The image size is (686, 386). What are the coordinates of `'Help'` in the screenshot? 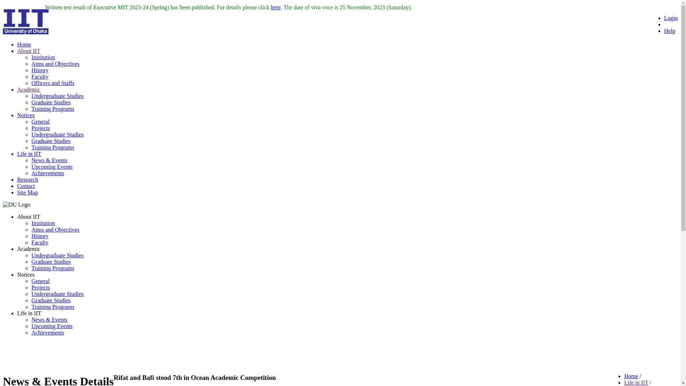 It's located at (669, 30).